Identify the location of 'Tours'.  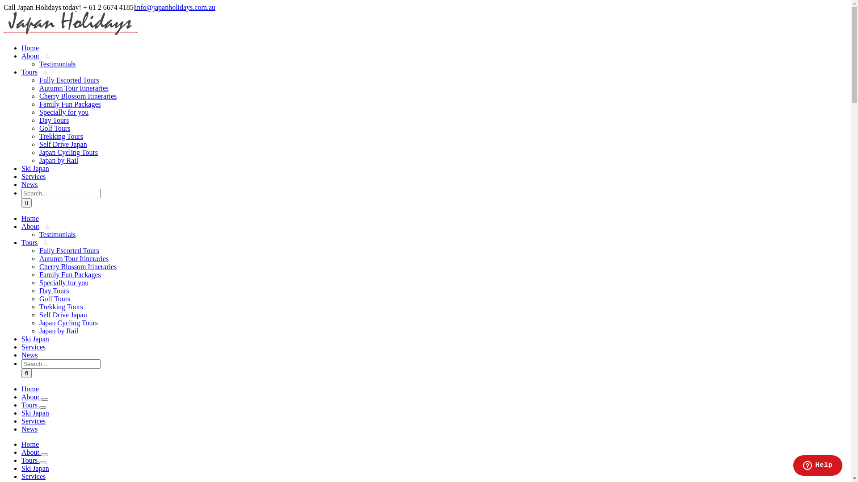
(34, 71).